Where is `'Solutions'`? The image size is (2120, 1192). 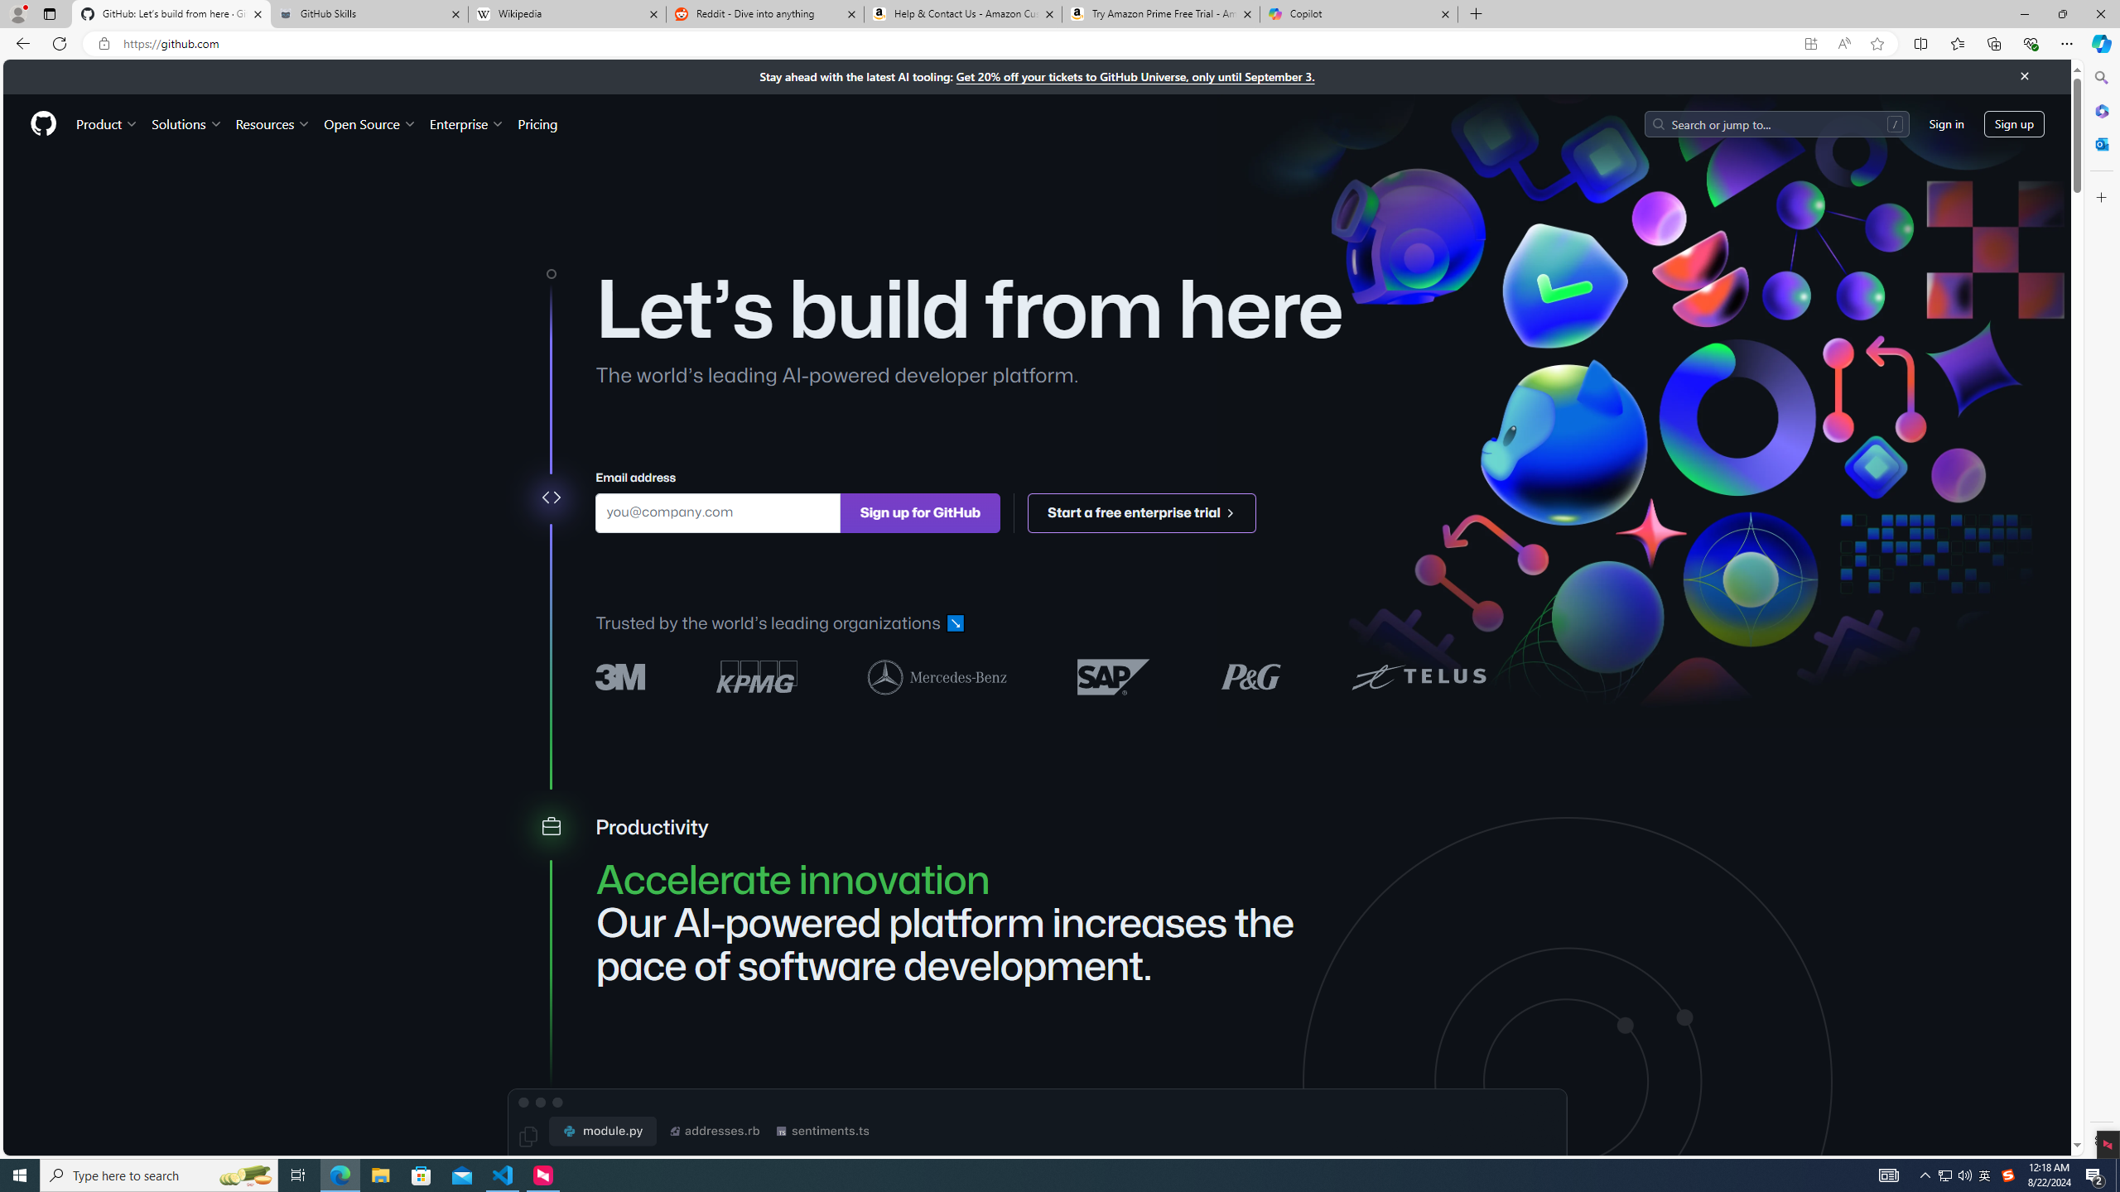 'Solutions' is located at coordinates (185, 123).